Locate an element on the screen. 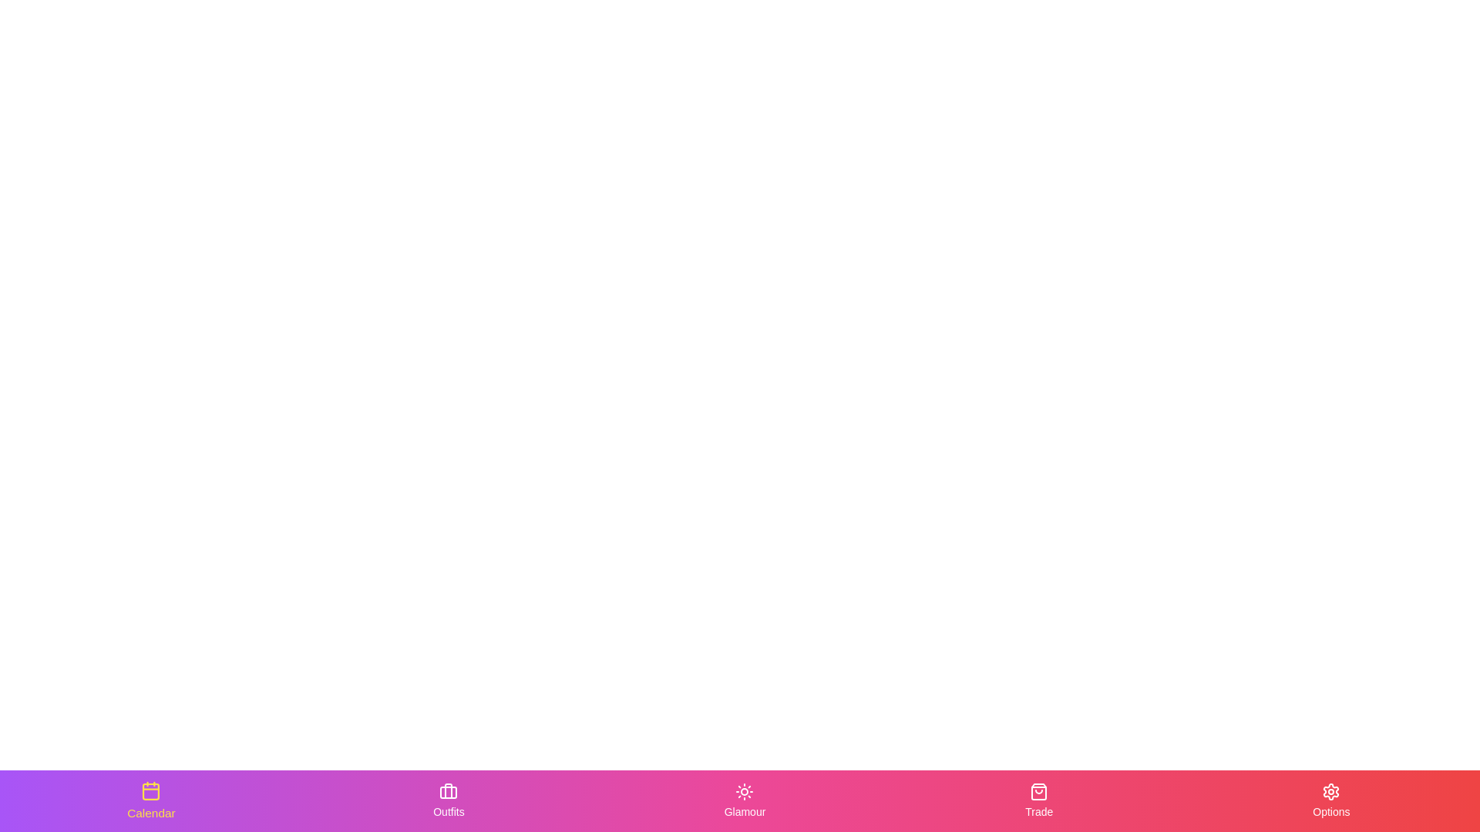 The image size is (1480, 832). the tab labeled Trade to observe its hover effect is located at coordinates (1039, 800).